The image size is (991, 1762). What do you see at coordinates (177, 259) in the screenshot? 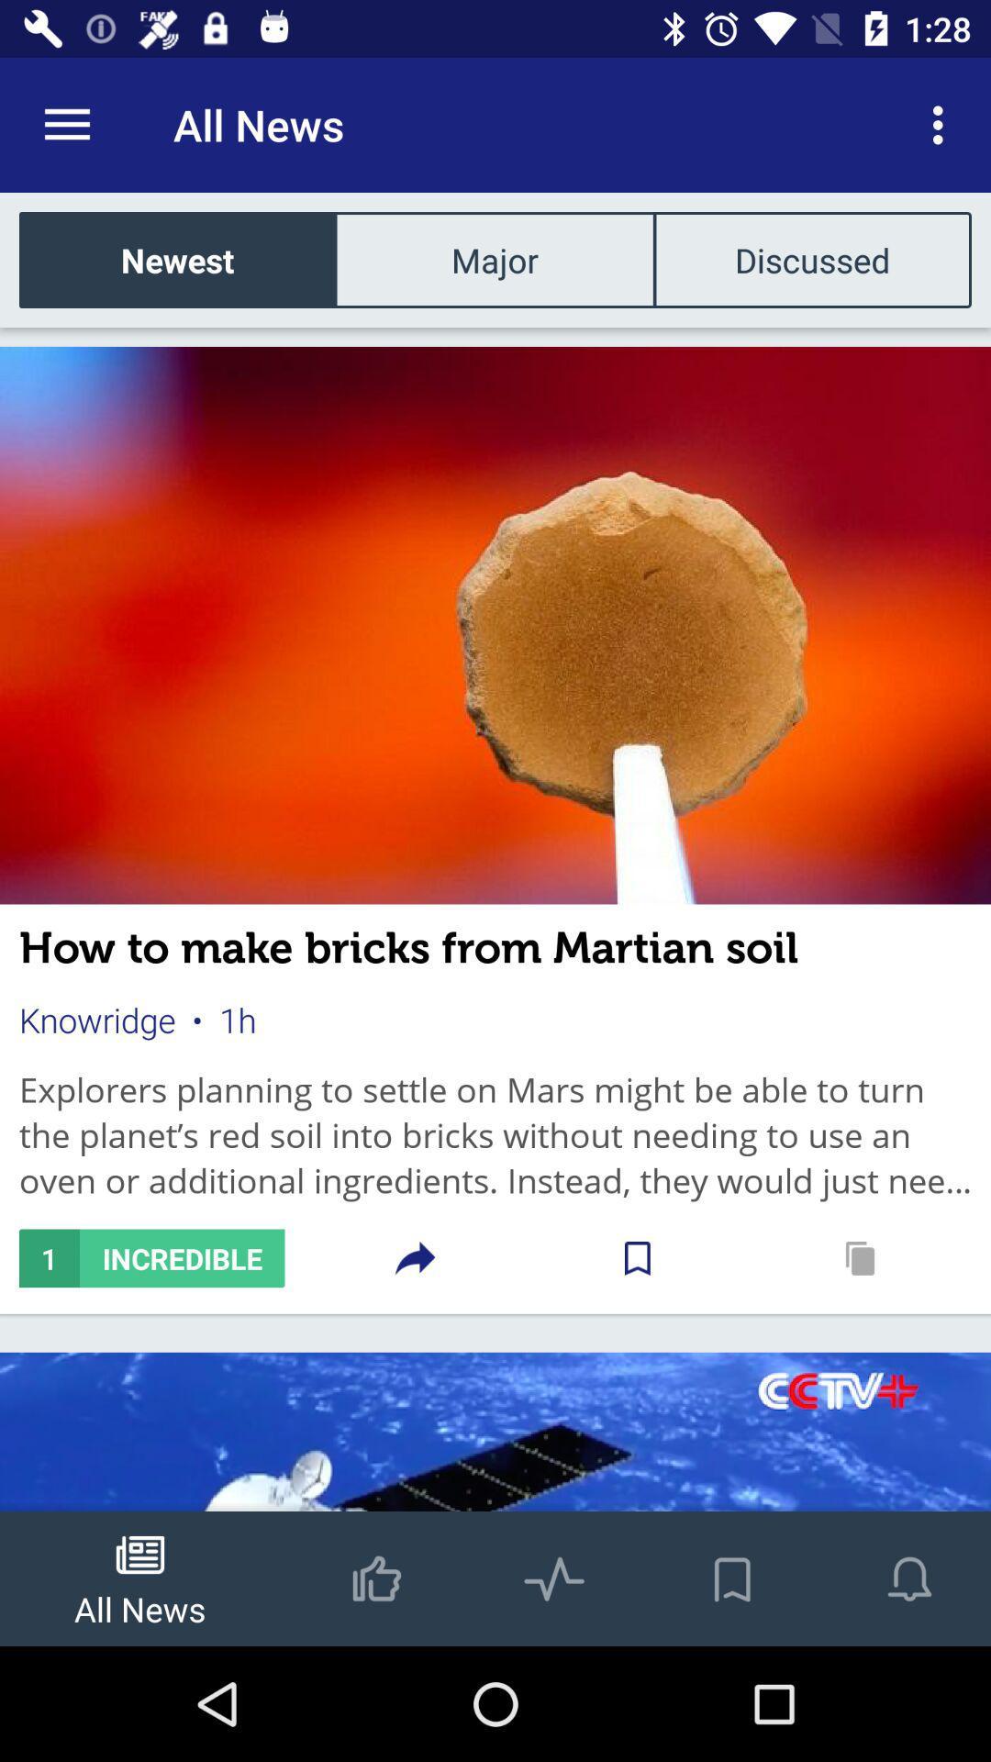
I see `the item to the left of major` at bounding box center [177, 259].